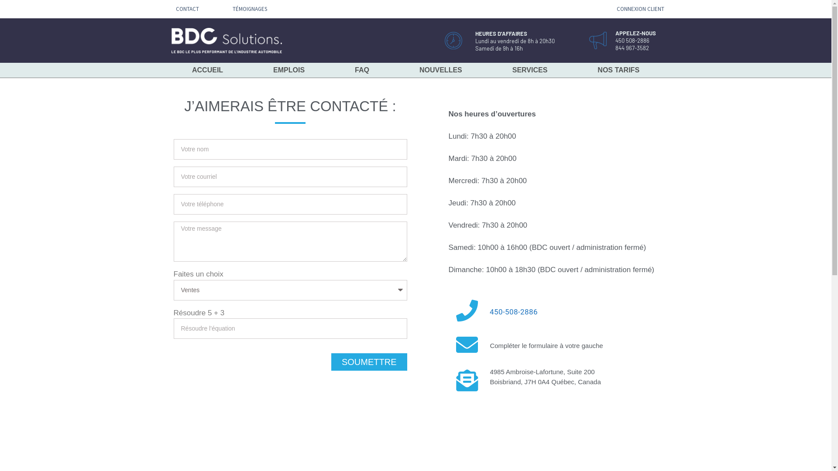 Image resolution: width=838 pixels, height=471 pixels. What do you see at coordinates (632, 40) in the screenshot?
I see `'450 508-2886'` at bounding box center [632, 40].